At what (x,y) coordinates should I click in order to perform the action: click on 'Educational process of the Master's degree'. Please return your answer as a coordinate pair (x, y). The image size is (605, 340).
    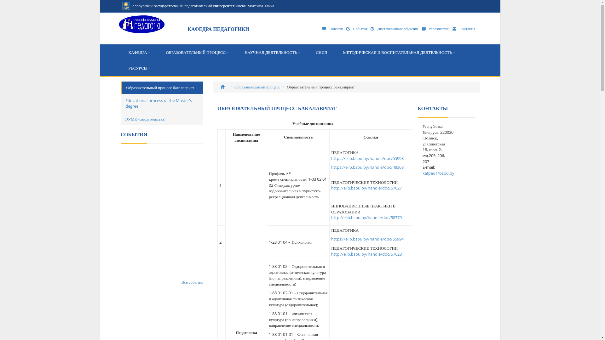
    Looking at the image, I should click on (162, 103).